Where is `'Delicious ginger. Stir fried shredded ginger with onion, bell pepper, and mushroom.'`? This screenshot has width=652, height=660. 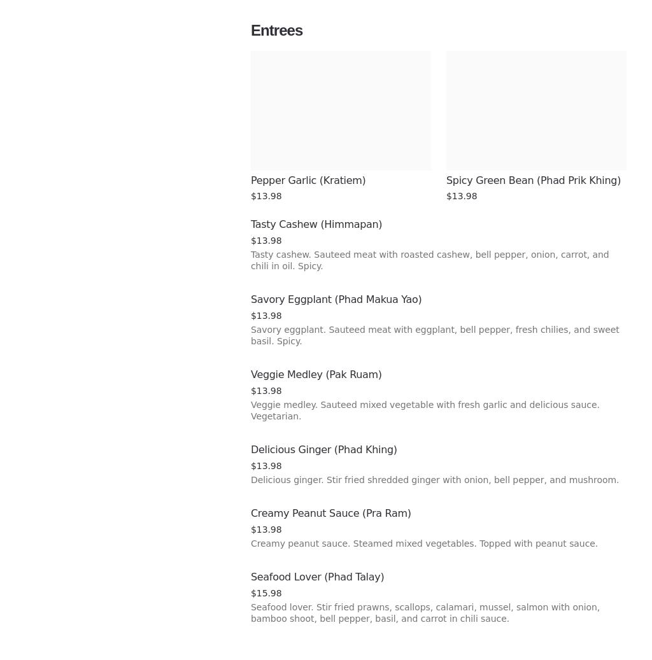
'Delicious ginger. Stir fried shredded ginger with onion, bell pepper, and mushroom.' is located at coordinates (435, 480).